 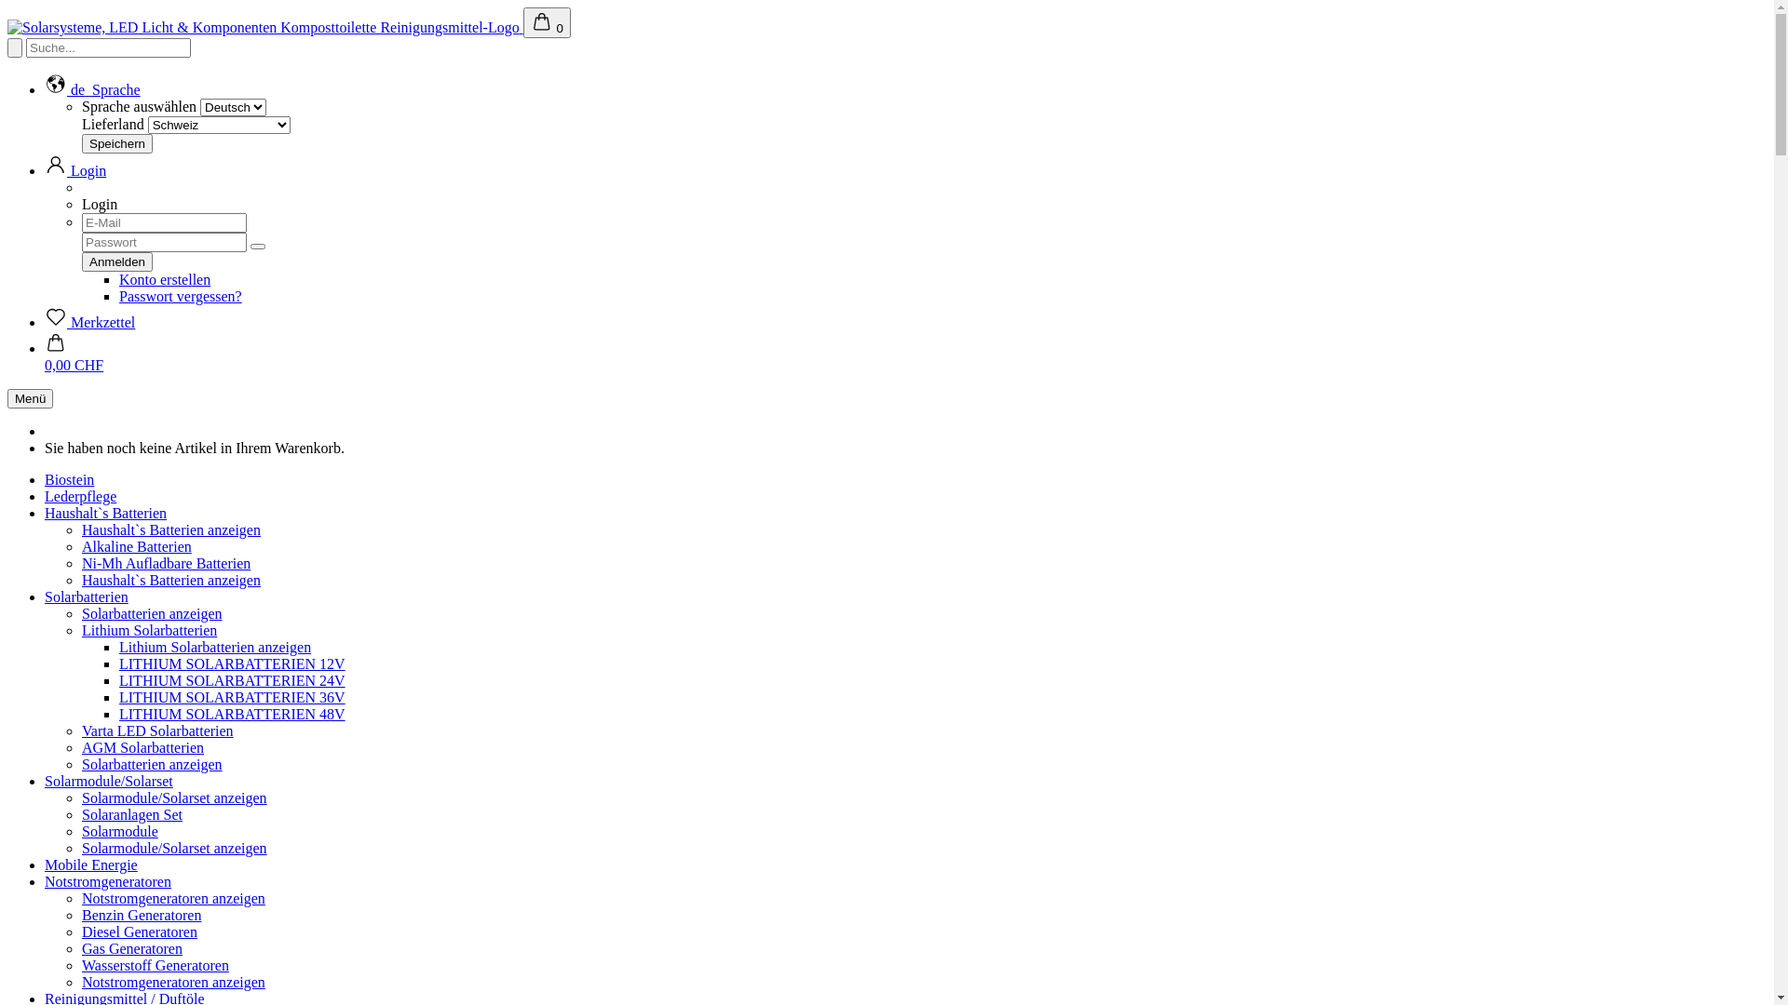 What do you see at coordinates (115, 142) in the screenshot?
I see `'Speichern'` at bounding box center [115, 142].